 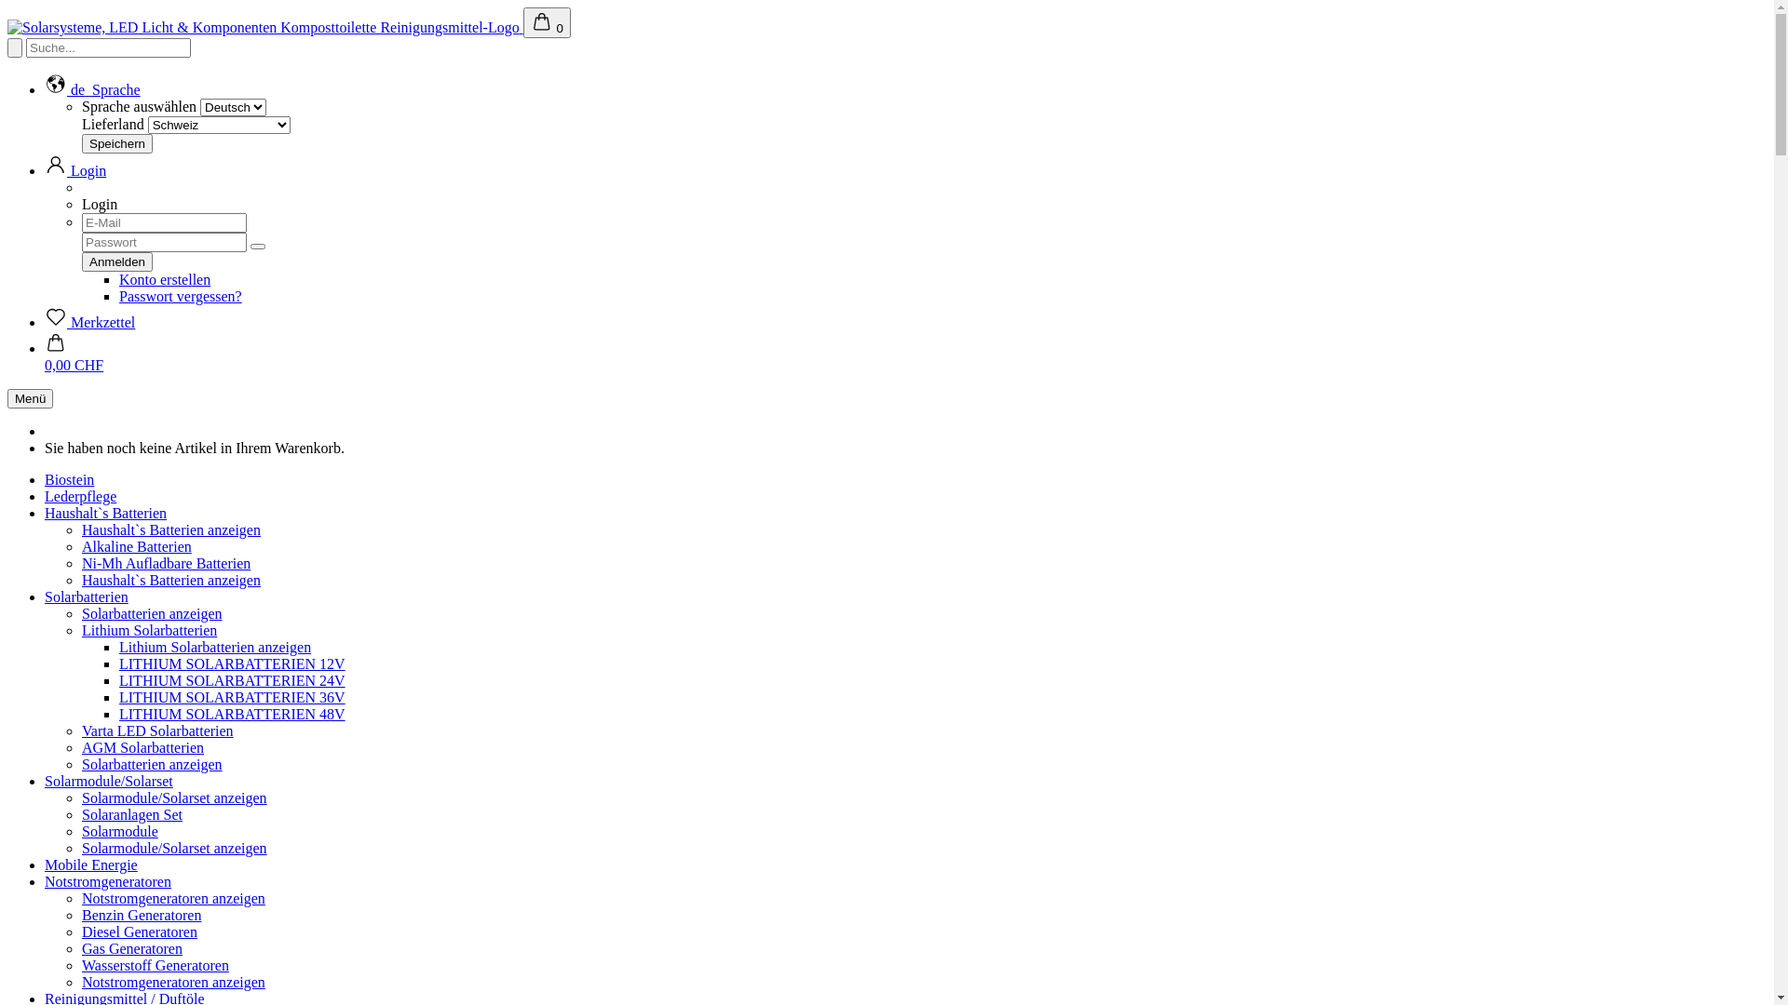 What do you see at coordinates (115, 142) in the screenshot?
I see `'Speichern'` at bounding box center [115, 142].